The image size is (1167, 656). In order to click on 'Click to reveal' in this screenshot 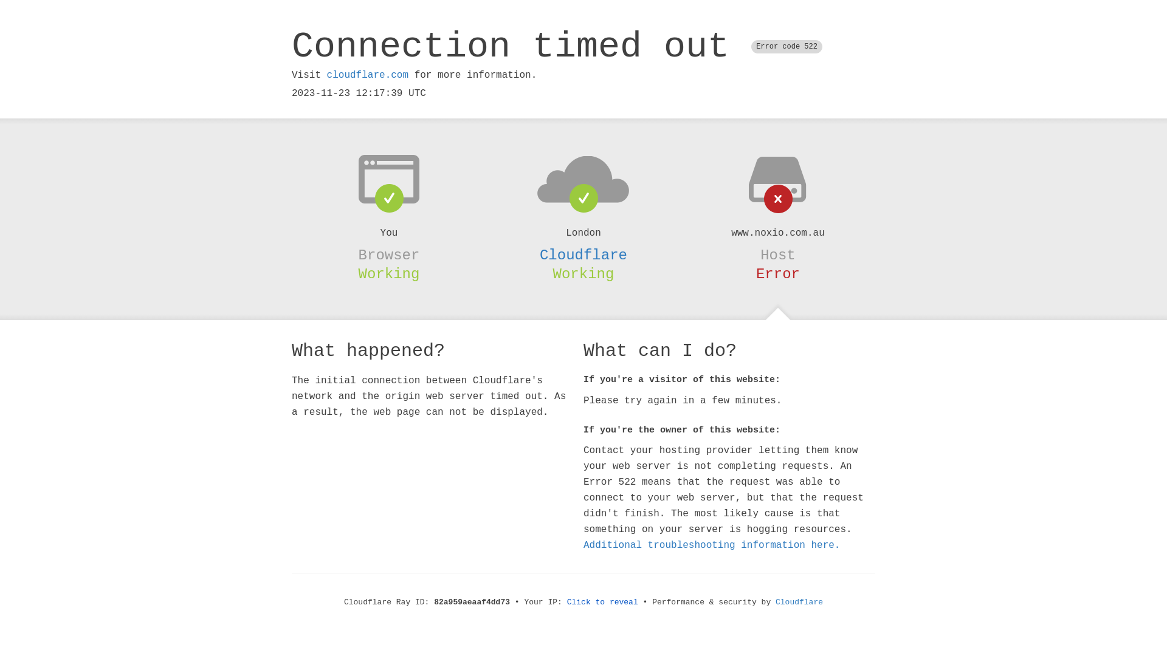, I will do `click(602, 602)`.